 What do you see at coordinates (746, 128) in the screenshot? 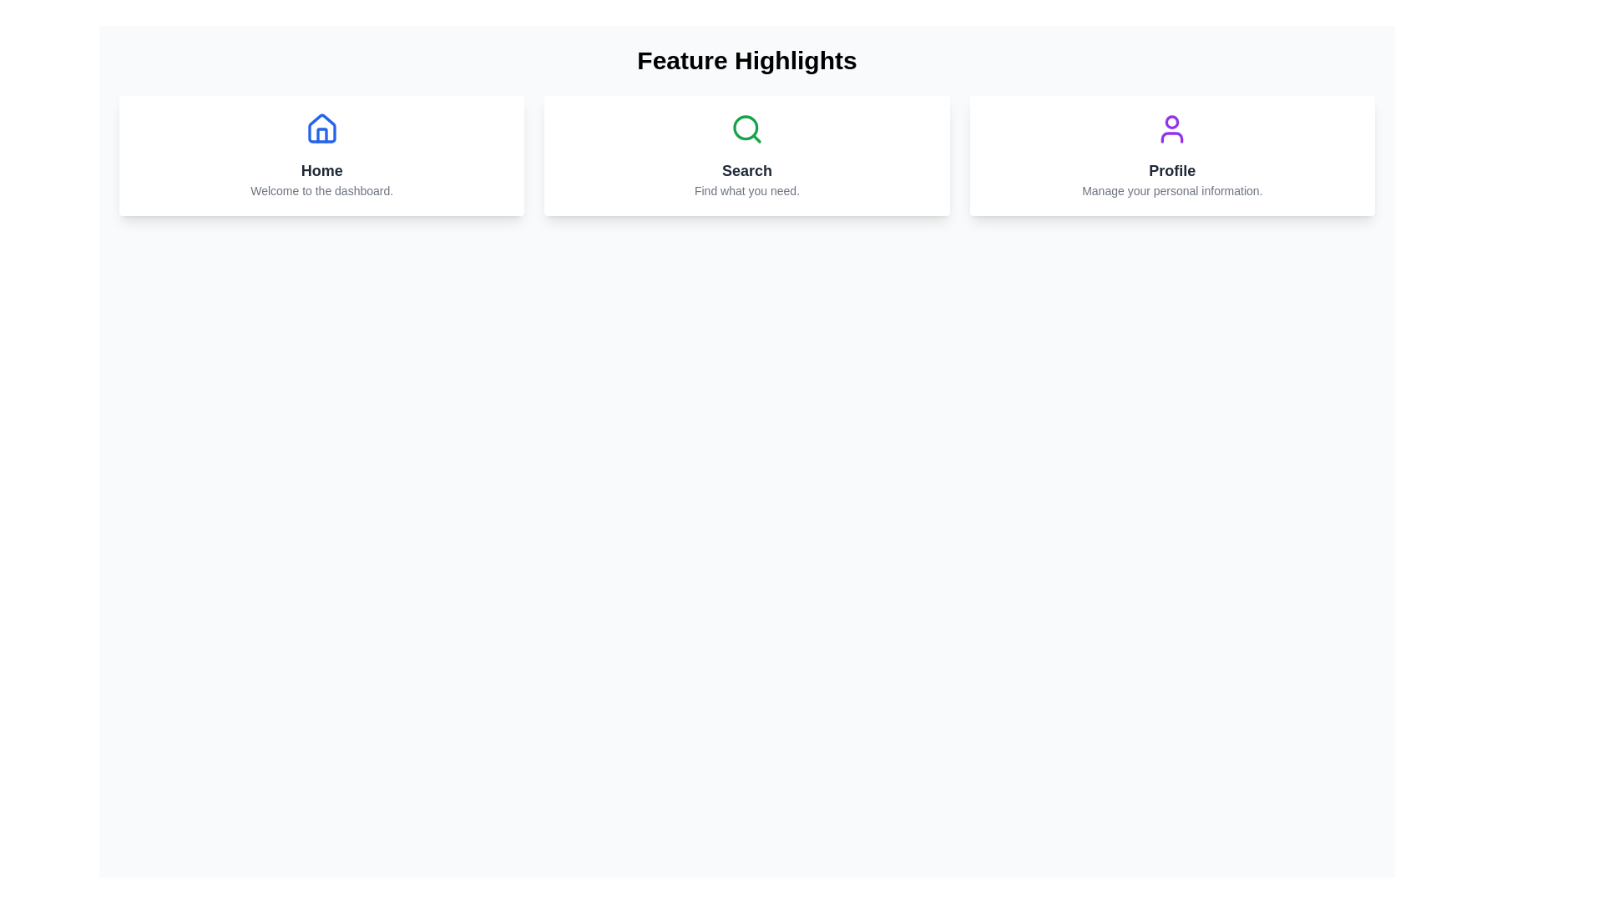
I see `the green magnifying glass icon within the 'Search' card located below the 'Feature Highlights' heading` at bounding box center [746, 128].